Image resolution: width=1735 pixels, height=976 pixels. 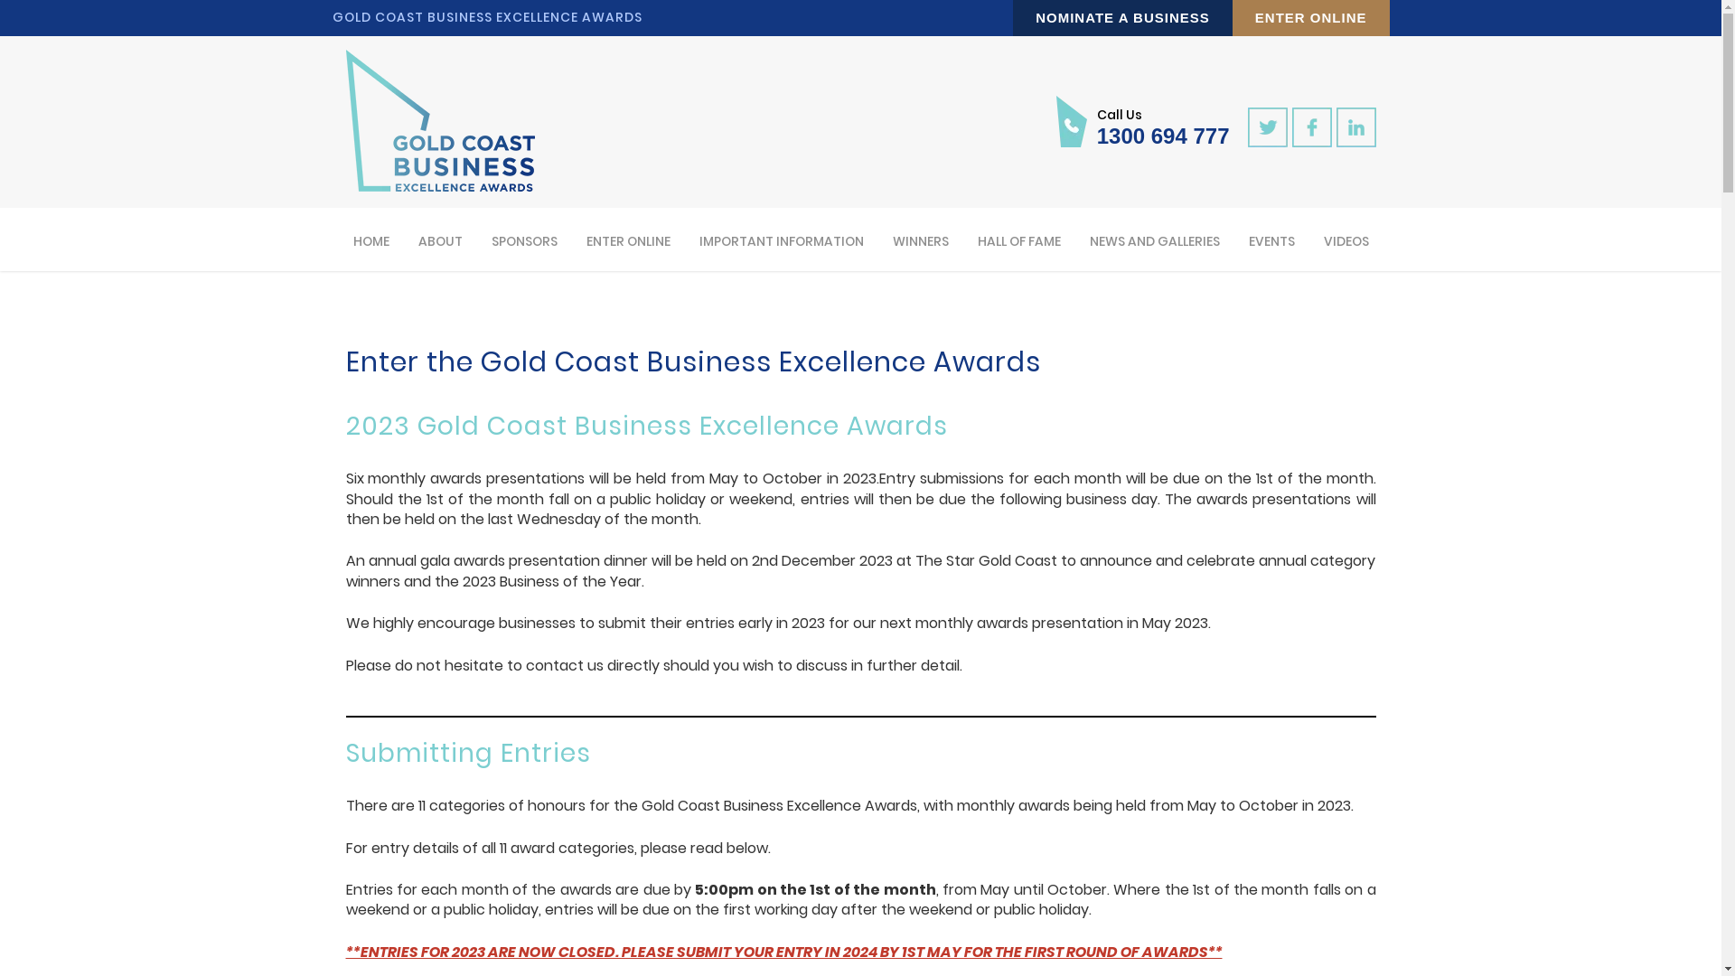 I want to click on 'HOME', so click(x=370, y=239).